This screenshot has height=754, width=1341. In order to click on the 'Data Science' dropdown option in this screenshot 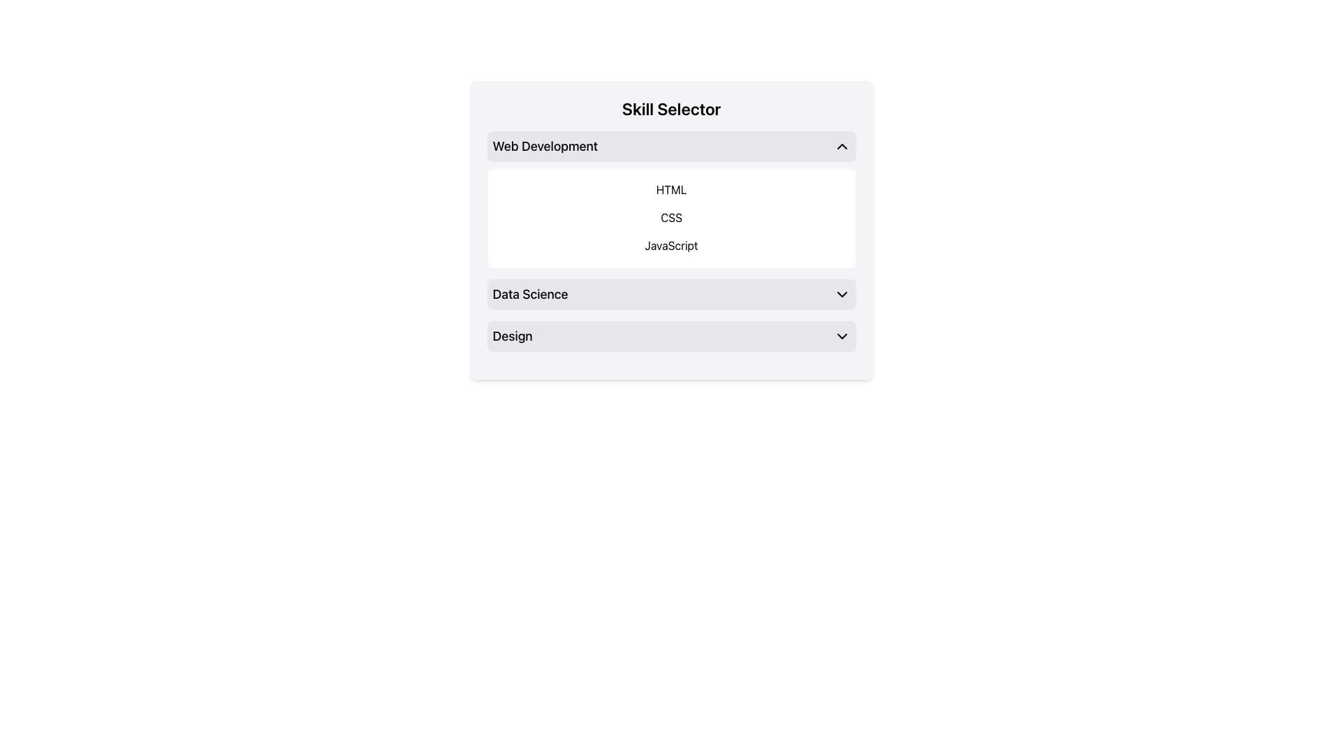, I will do `click(671, 293)`.